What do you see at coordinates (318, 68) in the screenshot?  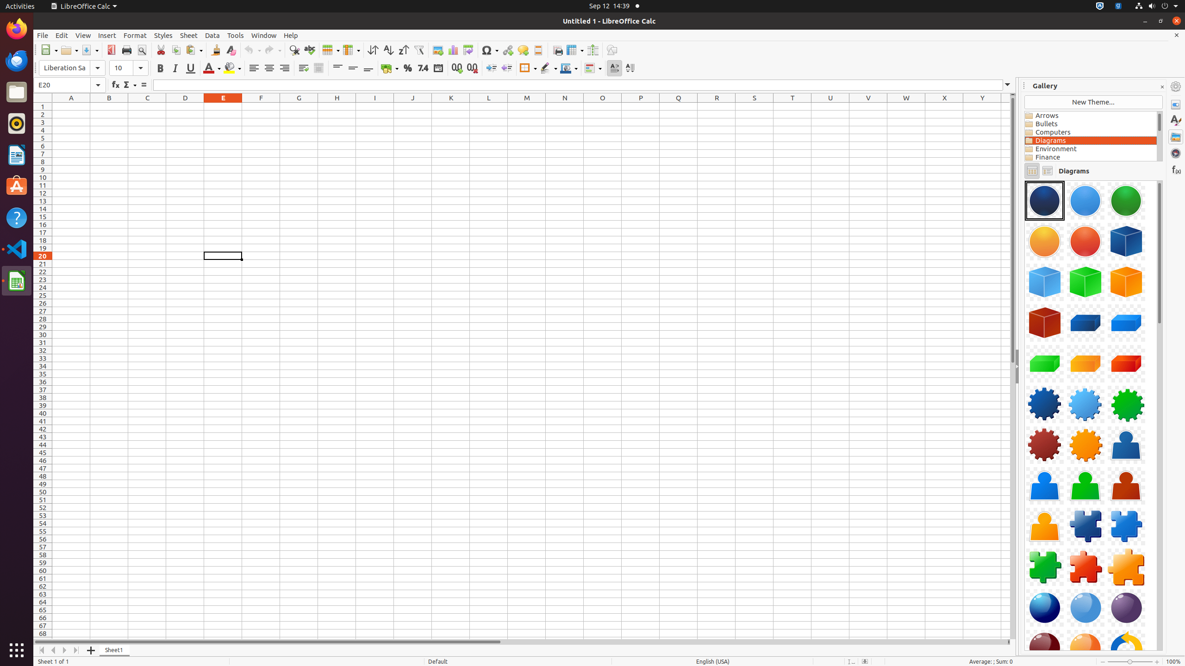 I see `'Merge and Center Cells'` at bounding box center [318, 68].